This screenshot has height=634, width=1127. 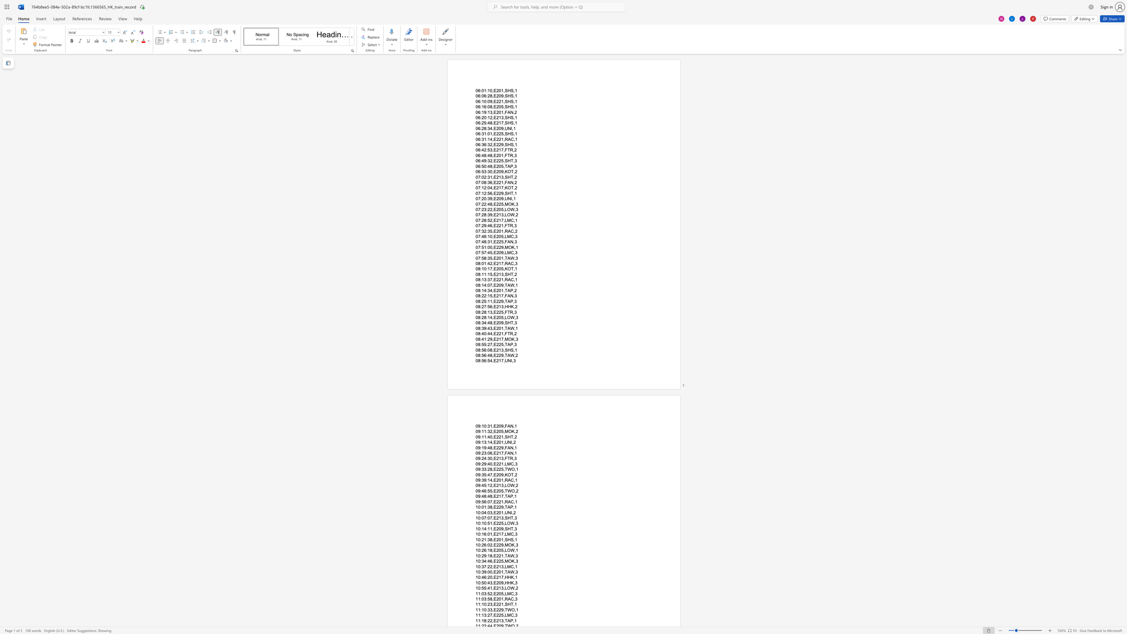 What do you see at coordinates (493, 182) in the screenshot?
I see `the subset text "E221," within the text "07:08:36,E221,FAN,2"` at bounding box center [493, 182].